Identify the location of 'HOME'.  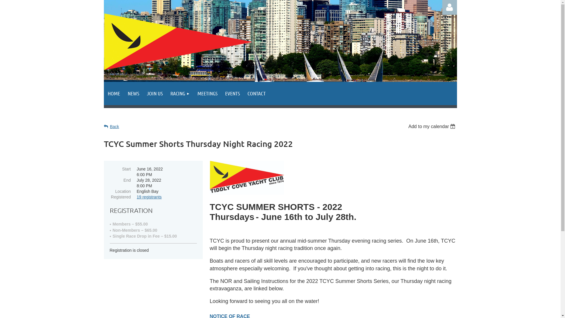
(113, 93).